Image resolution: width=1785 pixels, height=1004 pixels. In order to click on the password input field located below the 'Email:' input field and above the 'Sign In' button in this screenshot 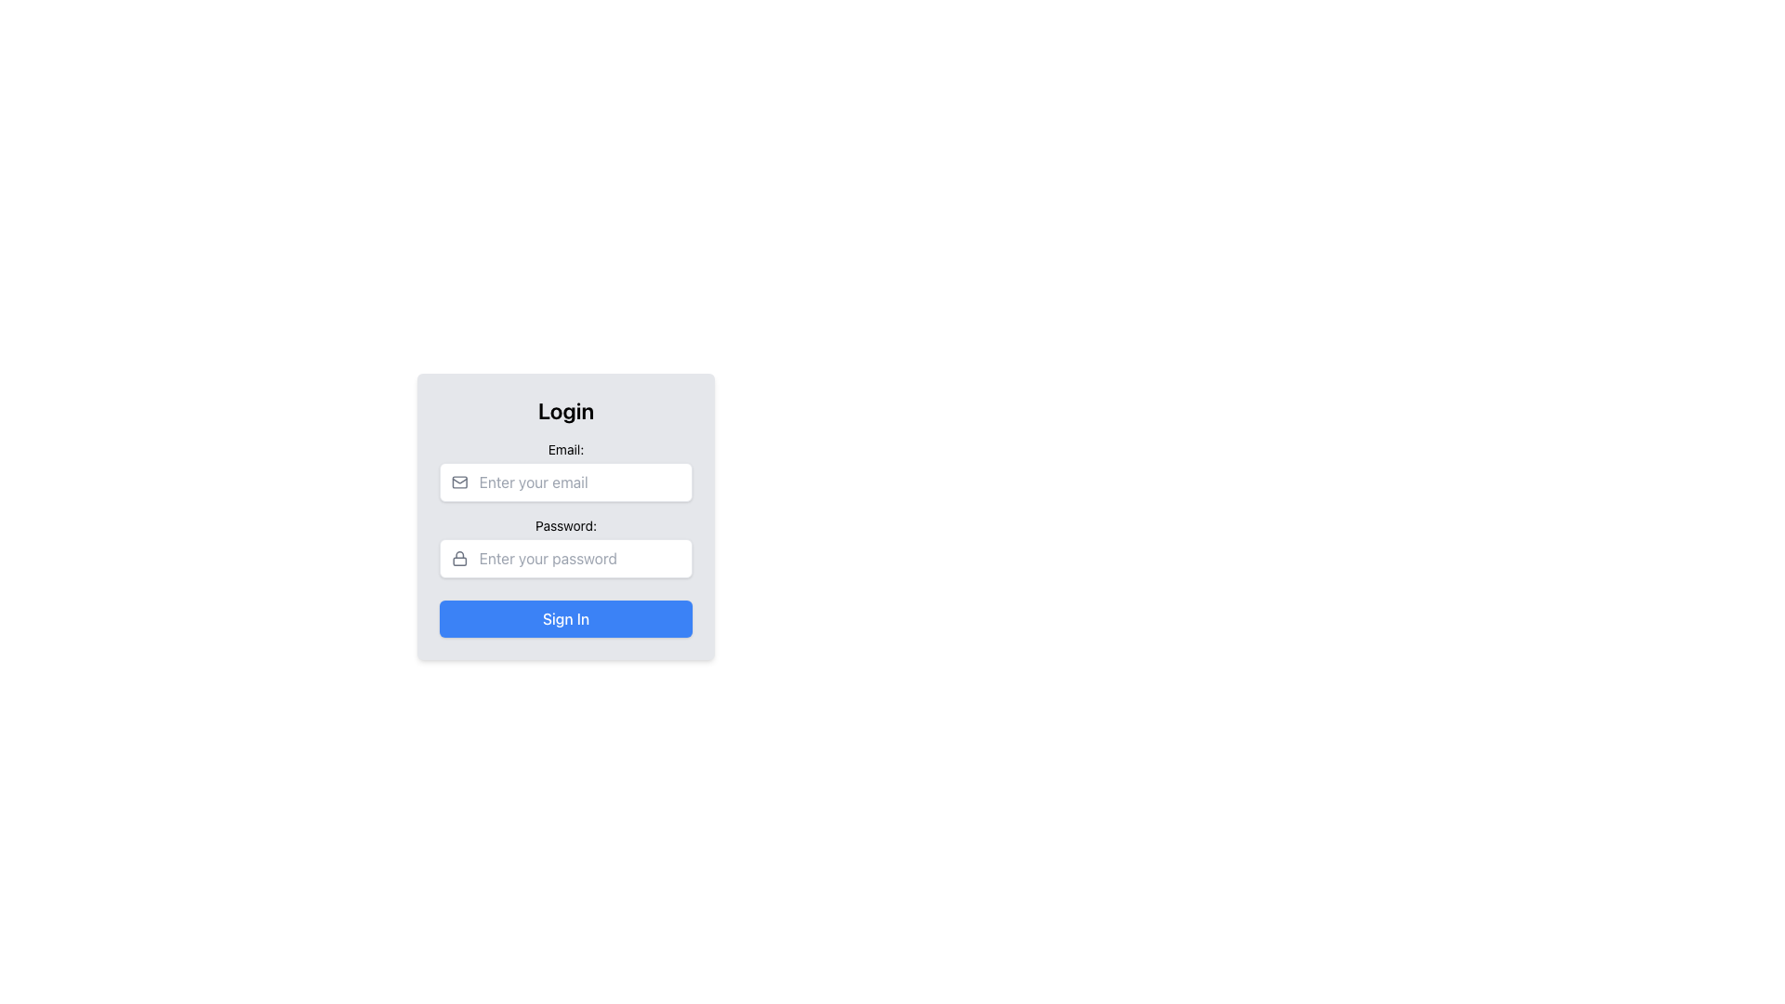, I will do `click(565, 547)`.